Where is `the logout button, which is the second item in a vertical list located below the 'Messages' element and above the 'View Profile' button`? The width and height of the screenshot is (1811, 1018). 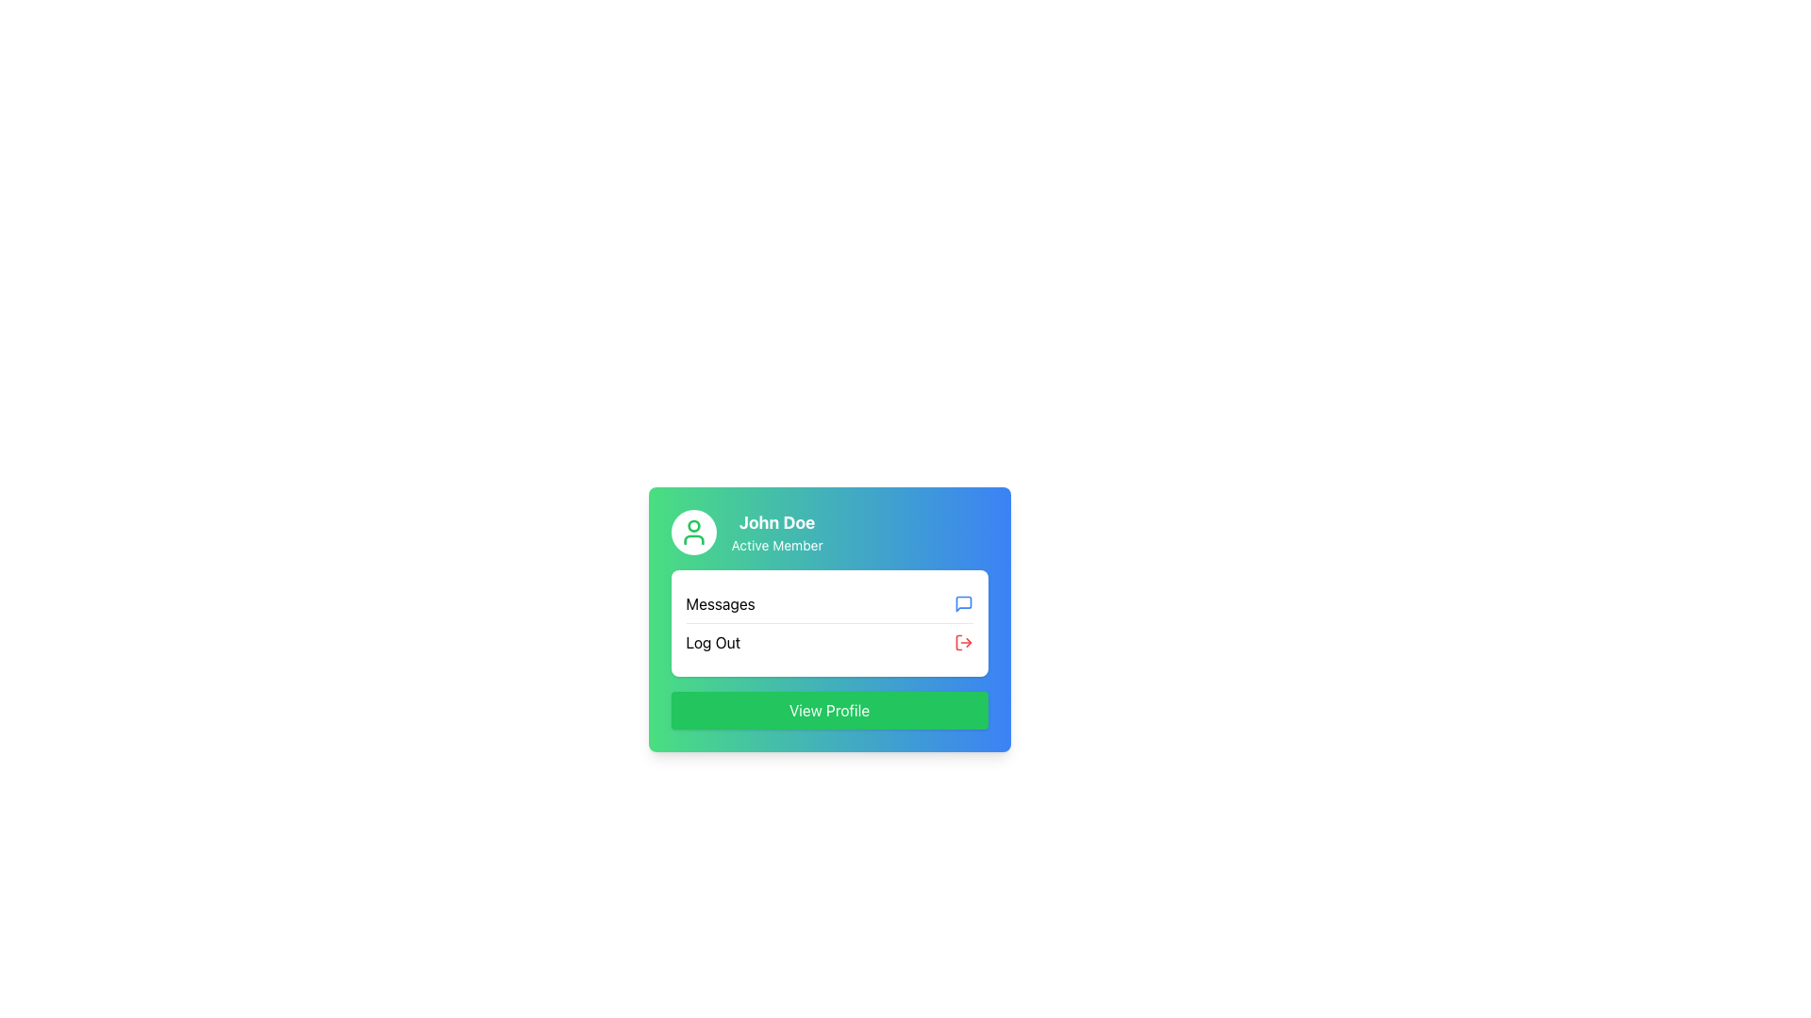
the logout button, which is the second item in a vertical list located below the 'Messages' element and above the 'View Profile' button is located at coordinates (829, 641).